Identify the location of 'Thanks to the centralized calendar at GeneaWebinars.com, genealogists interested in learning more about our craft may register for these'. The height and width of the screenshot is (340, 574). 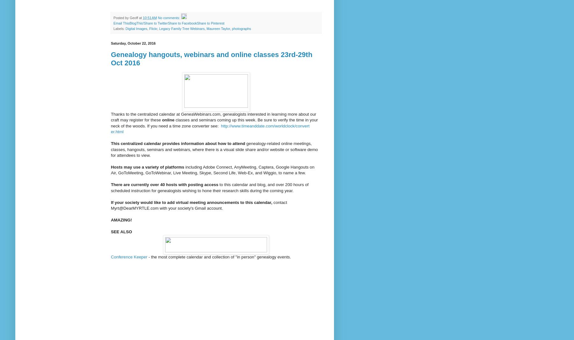
(213, 117).